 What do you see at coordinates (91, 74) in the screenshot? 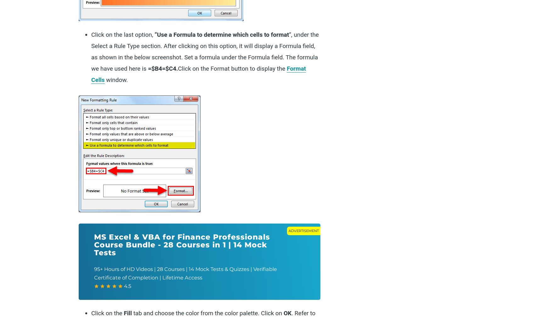
I see `'Format Cells'` at bounding box center [91, 74].